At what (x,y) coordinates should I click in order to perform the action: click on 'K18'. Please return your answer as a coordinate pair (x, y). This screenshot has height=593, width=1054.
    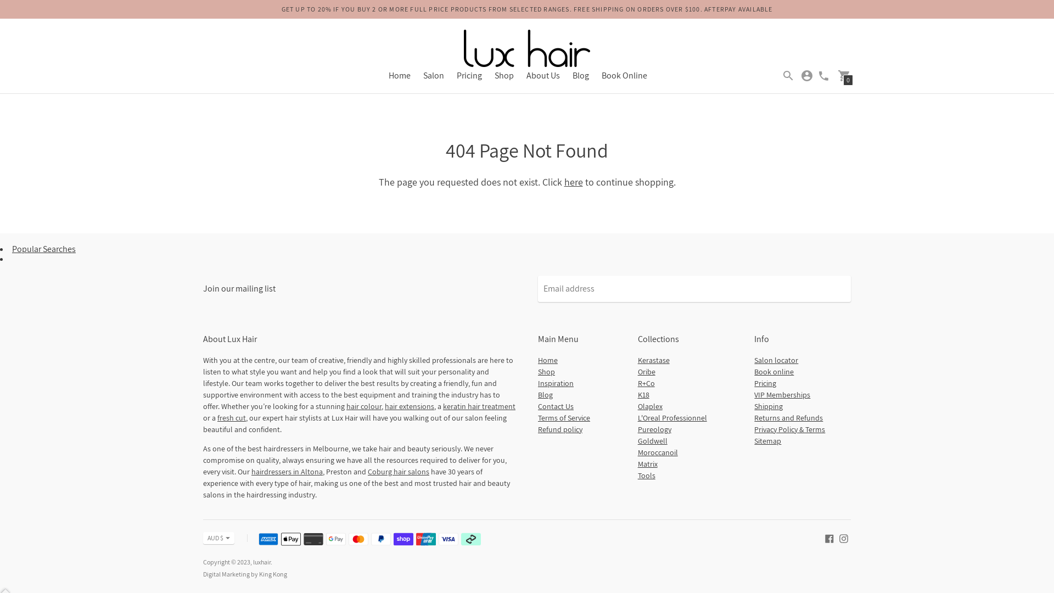
    Looking at the image, I should click on (643, 394).